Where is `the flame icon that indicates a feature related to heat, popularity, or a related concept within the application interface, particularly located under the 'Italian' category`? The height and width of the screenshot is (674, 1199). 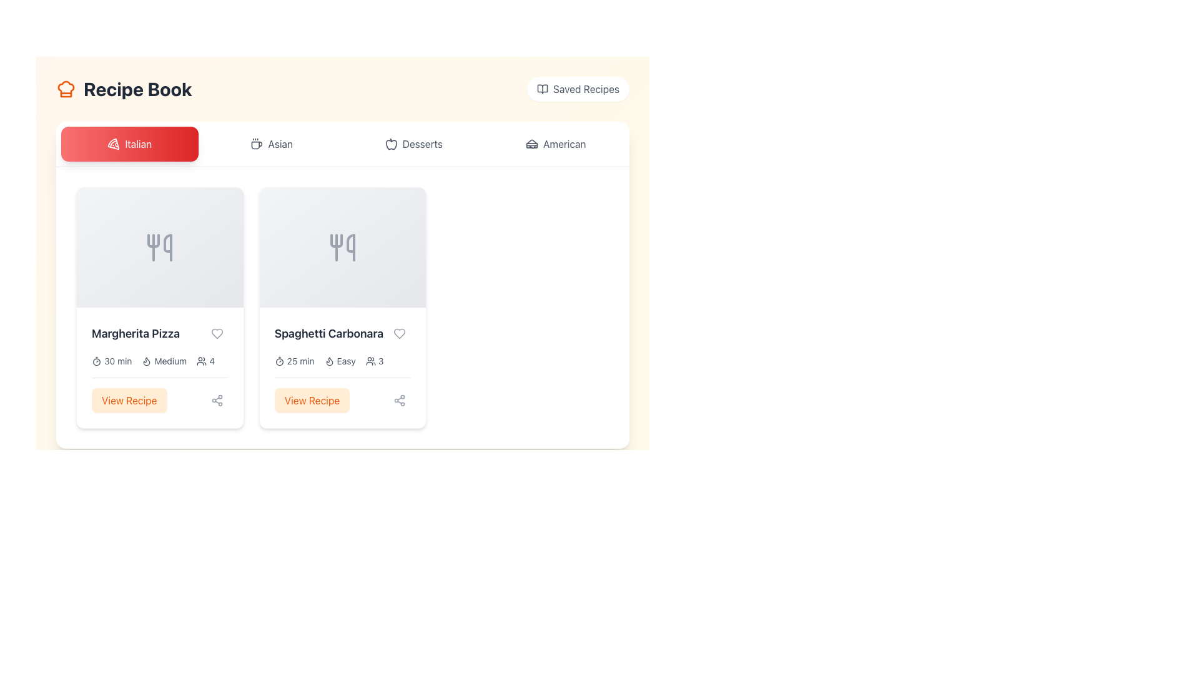 the flame icon that indicates a feature related to heat, popularity, or a related concept within the application interface, particularly located under the 'Italian' category is located at coordinates (329, 361).